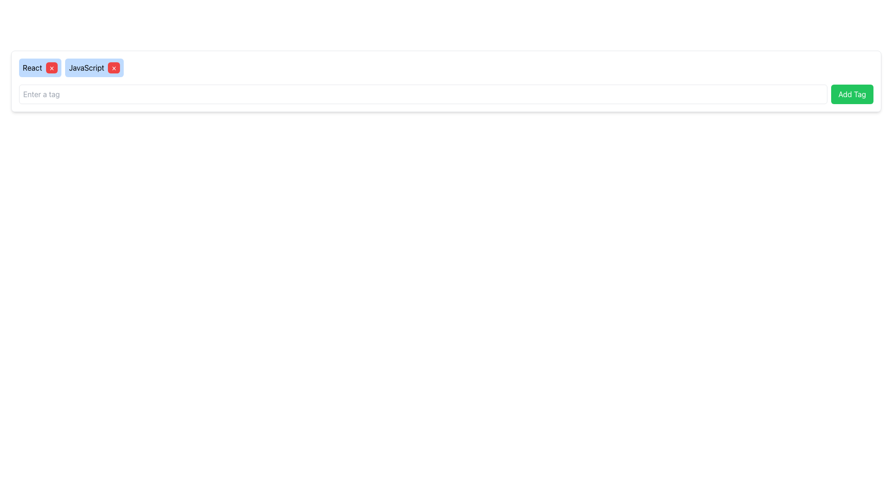 The height and width of the screenshot is (502, 893). What do you see at coordinates (51, 67) in the screenshot?
I see `the small red button labeled '×' located to the right of the blue 'React' tag` at bounding box center [51, 67].